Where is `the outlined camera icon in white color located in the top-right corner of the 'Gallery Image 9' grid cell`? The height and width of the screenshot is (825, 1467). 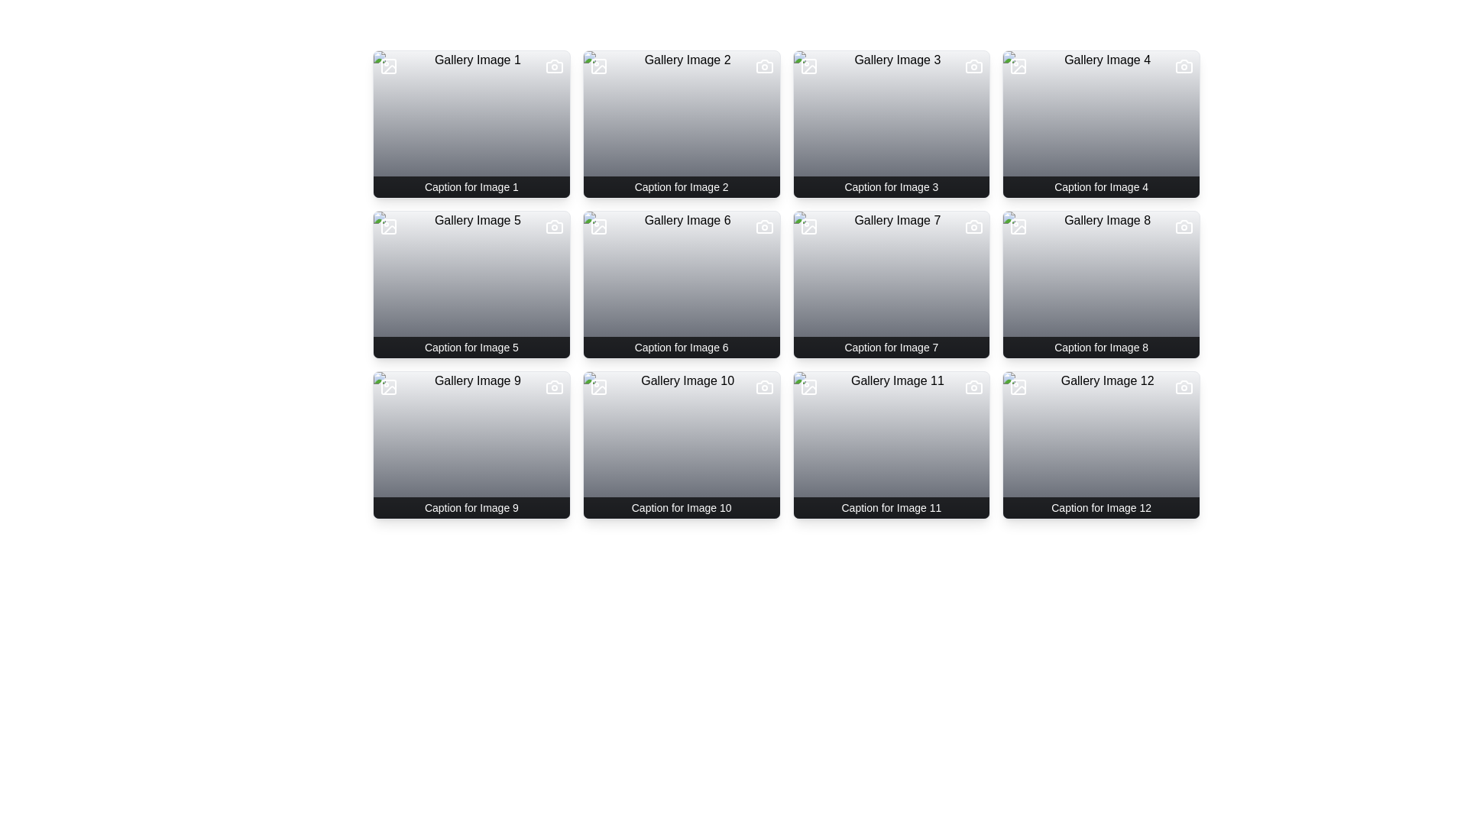
the outlined camera icon in white color located in the top-right corner of the 'Gallery Image 9' grid cell is located at coordinates (553, 386).